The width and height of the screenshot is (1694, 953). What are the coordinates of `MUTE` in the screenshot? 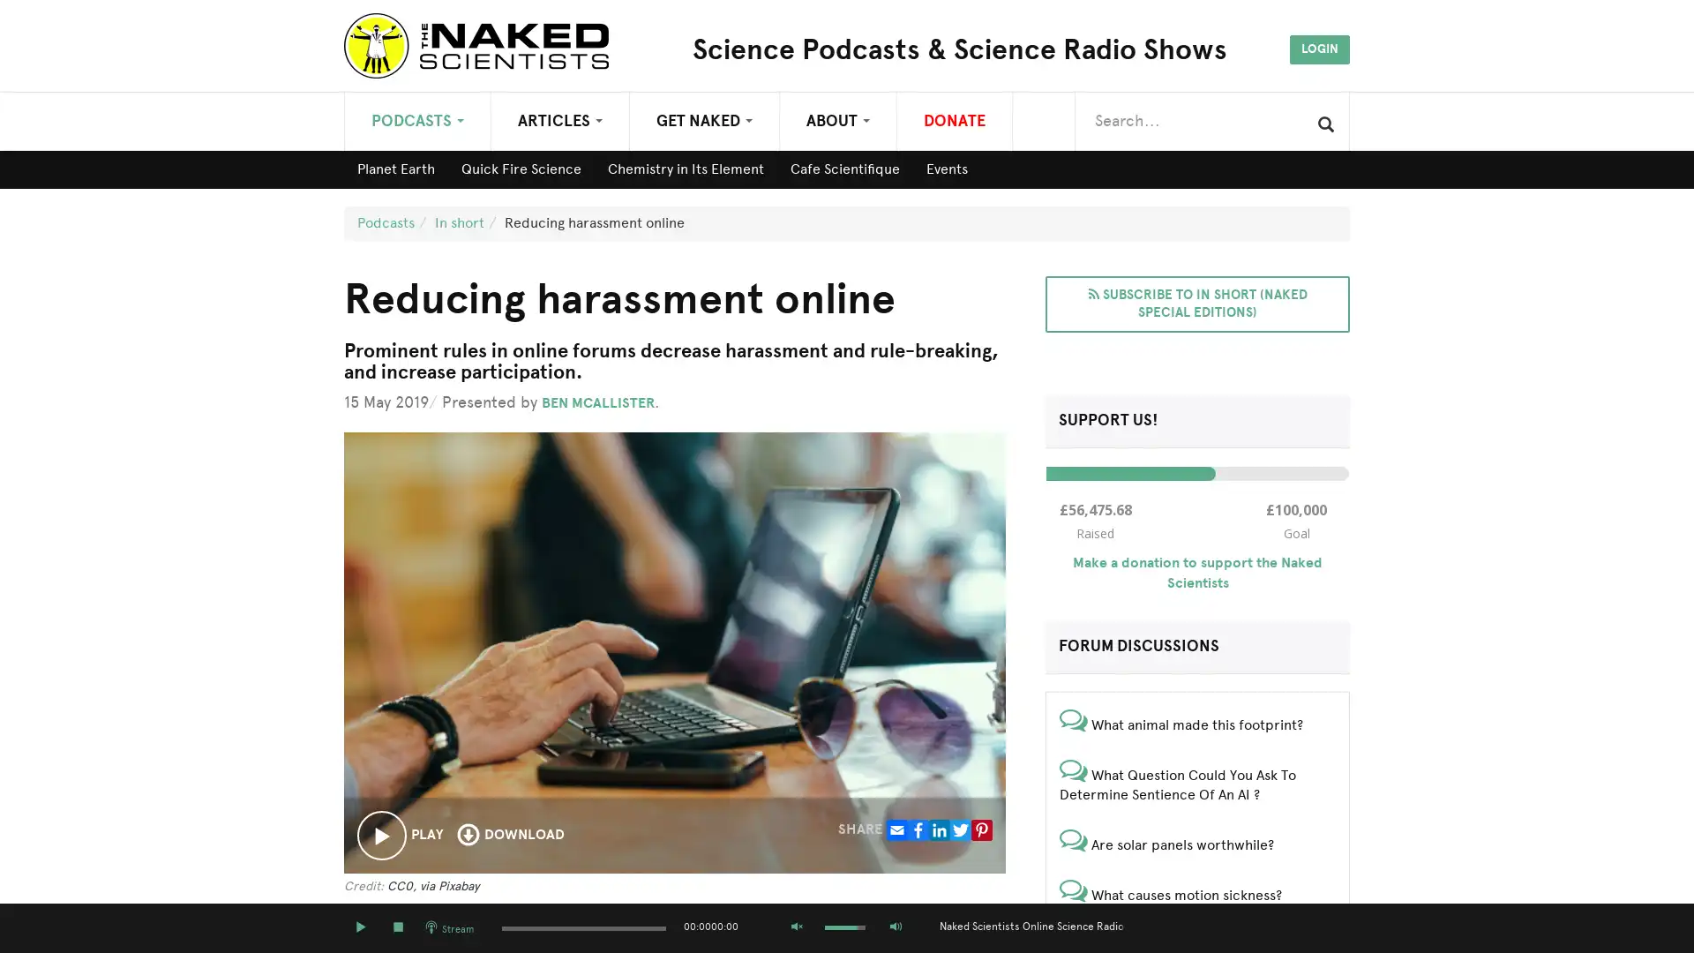 It's located at (796, 927).